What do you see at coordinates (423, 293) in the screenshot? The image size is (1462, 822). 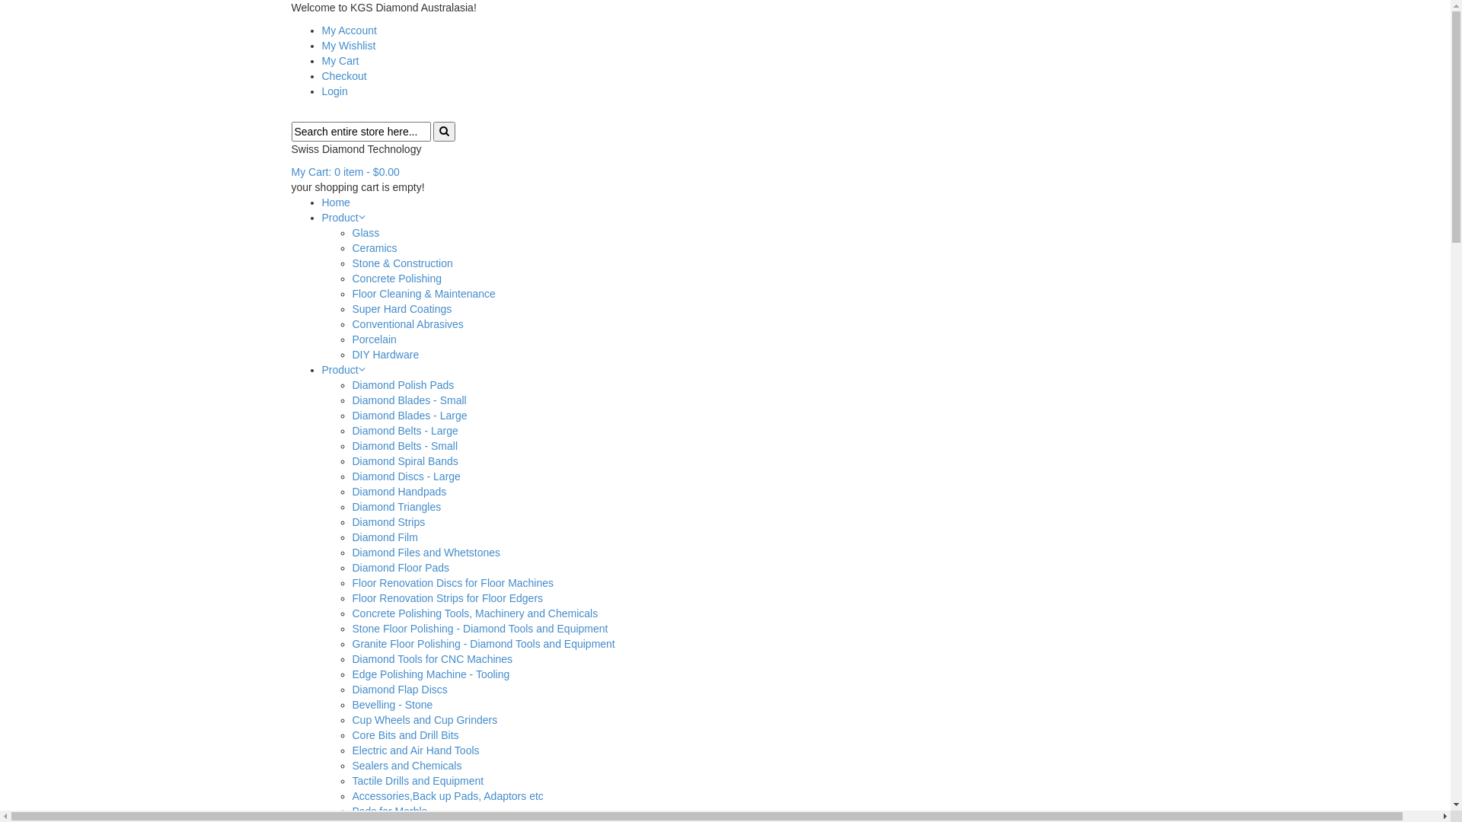 I see `'Floor Cleaning & Maintenance'` at bounding box center [423, 293].